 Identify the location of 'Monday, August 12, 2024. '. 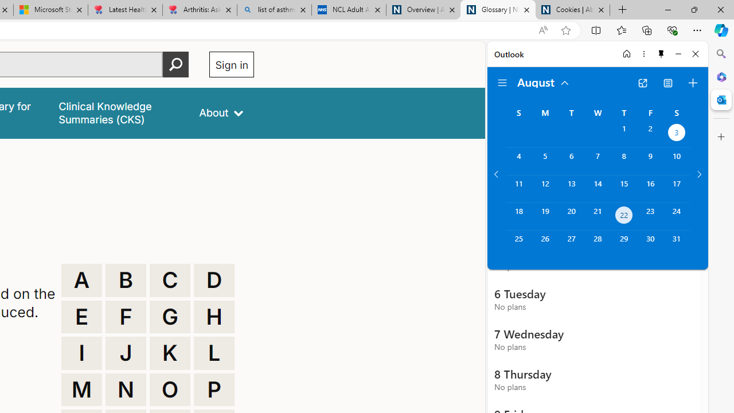
(544, 188).